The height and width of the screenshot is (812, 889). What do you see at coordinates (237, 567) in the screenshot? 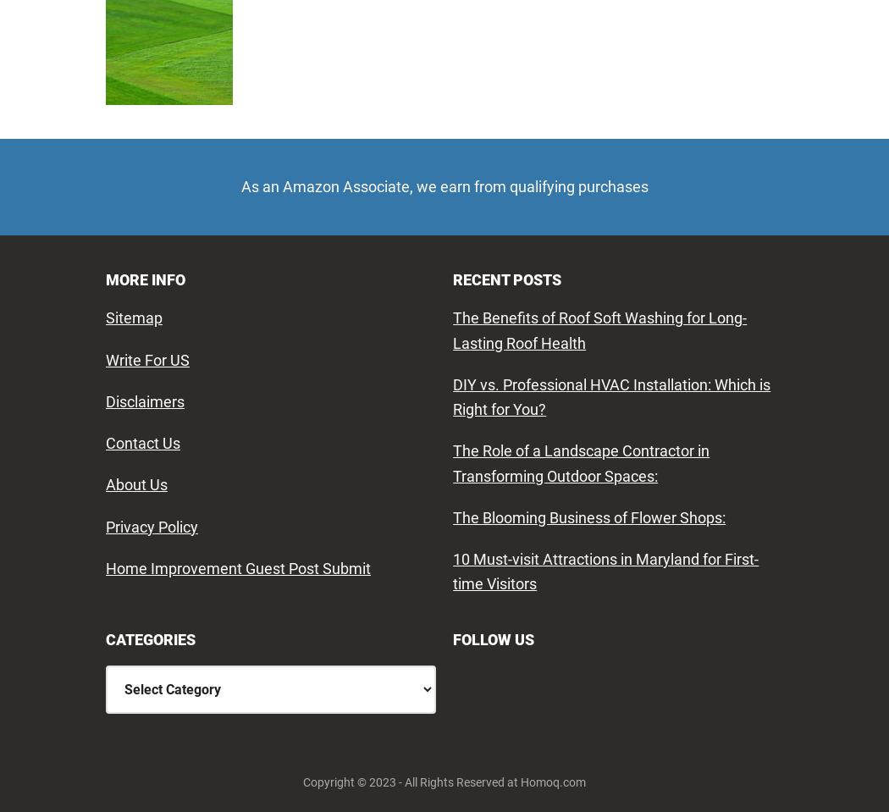
I see `'Home Improvement Guest Post Submit'` at bounding box center [237, 567].